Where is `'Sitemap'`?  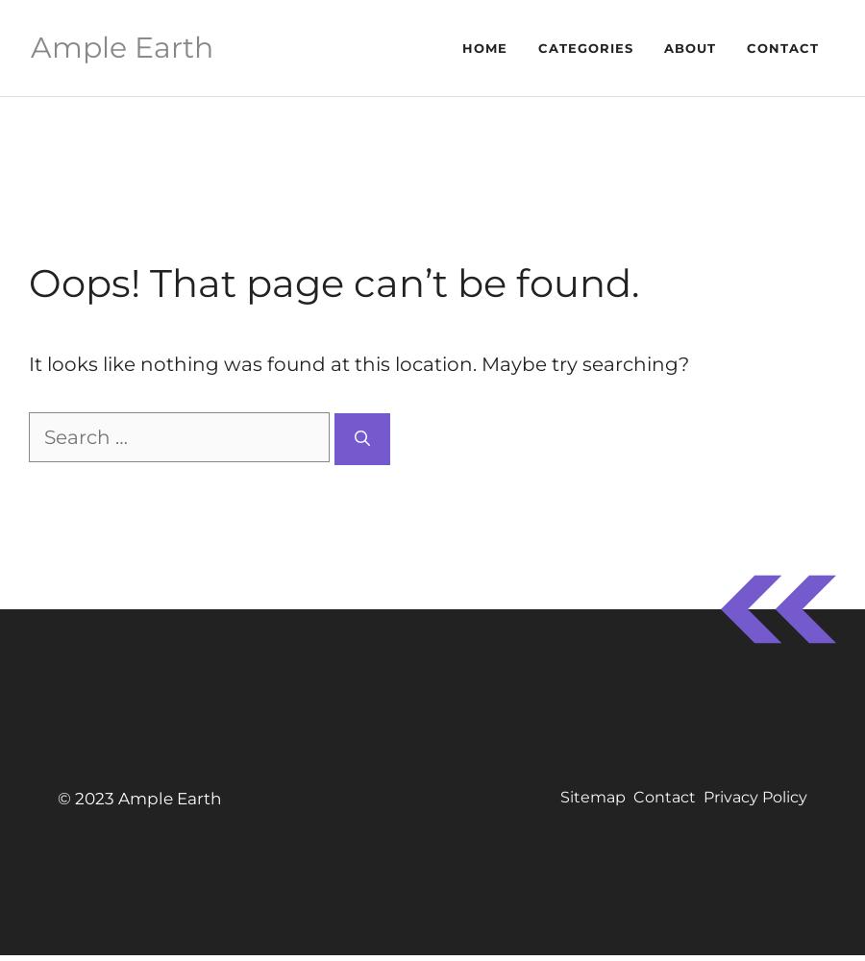
'Sitemap' is located at coordinates (593, 796).